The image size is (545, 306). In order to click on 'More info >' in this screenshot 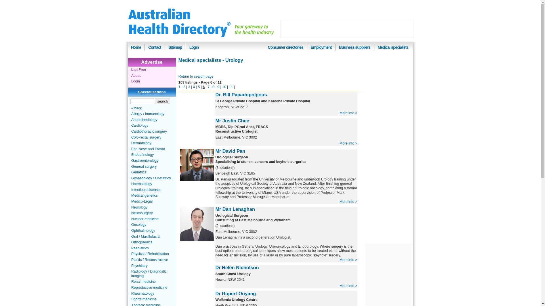, I will do `click(348, 286)`.